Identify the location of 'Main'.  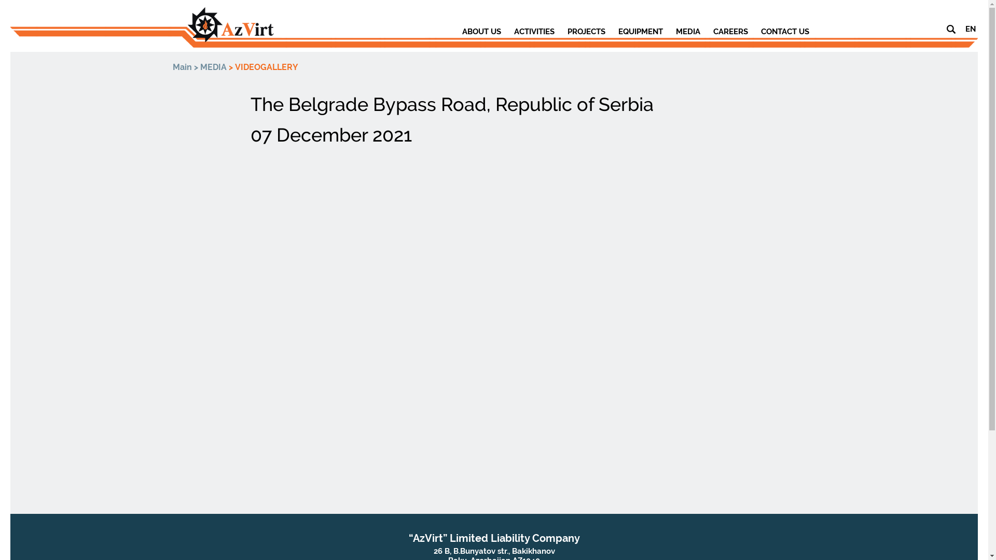
(182, 67).